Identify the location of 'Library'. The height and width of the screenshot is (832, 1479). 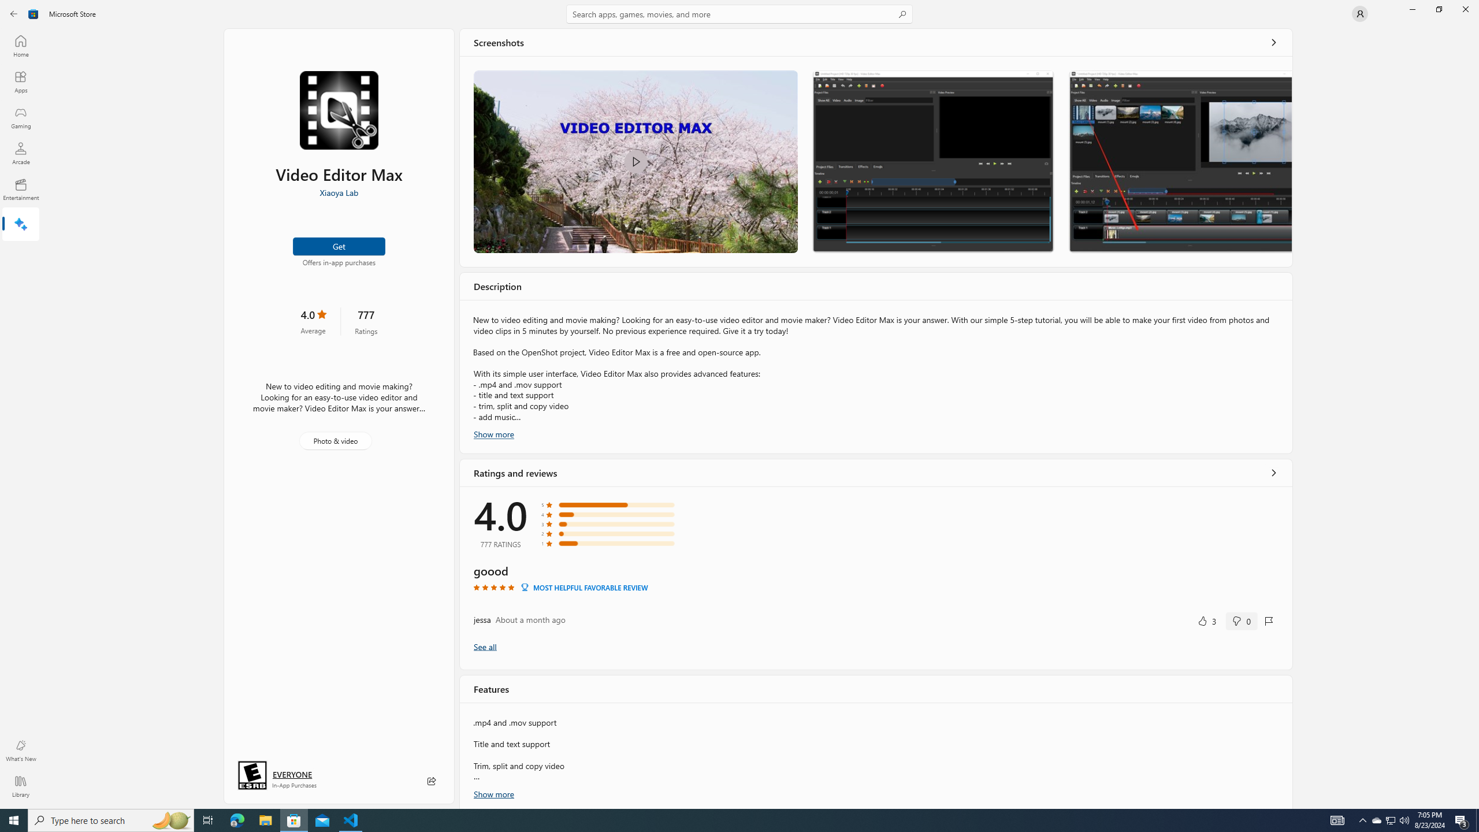
(20, 786).